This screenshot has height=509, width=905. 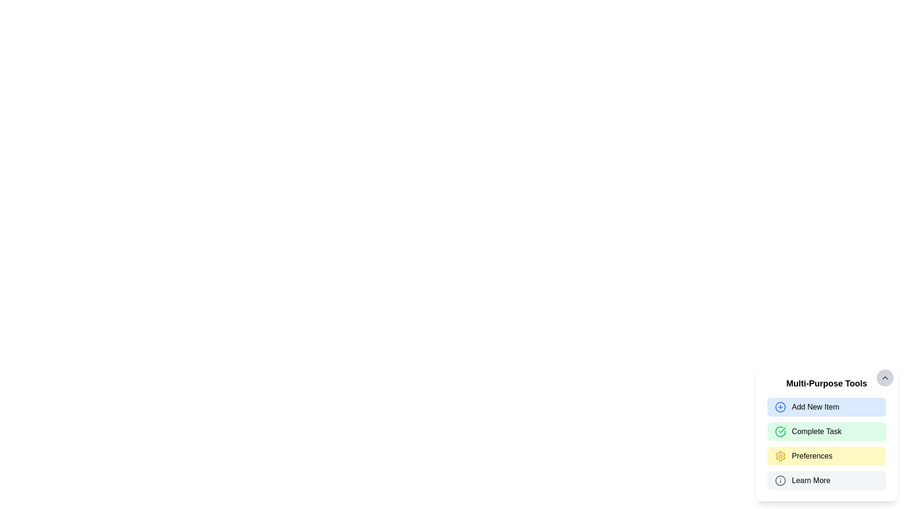 I want to click on the 'Preferences' label in the sidebar, which is the third item in a vertical list between 'Complete Task' and 'Learn More', so click(x=812, y=456).